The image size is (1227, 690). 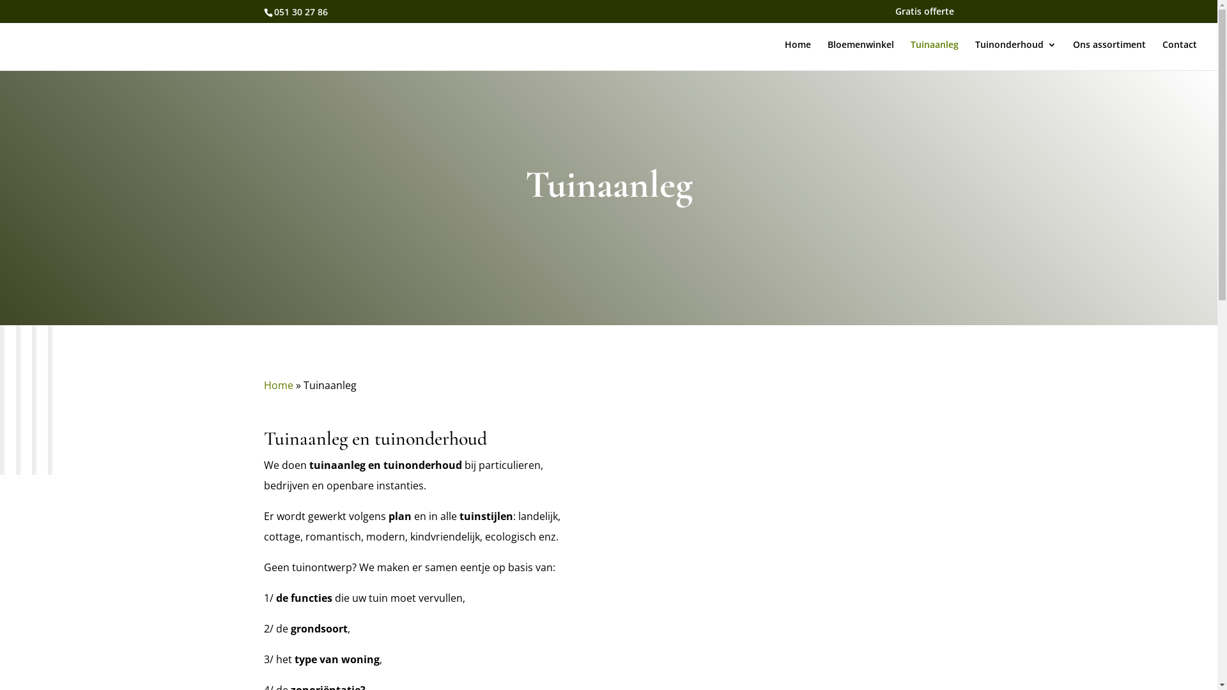 I want to click on 'Home', so click(x=277, y=384).